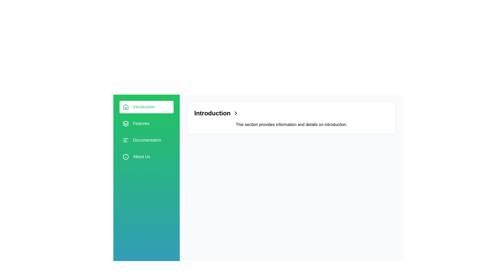 This screenshot has height=280, width=498. Describe the element at coordinates (146, 157) in the screenshot. I see `the 'About Us' menu item in the vertical navigation bar` at that location.